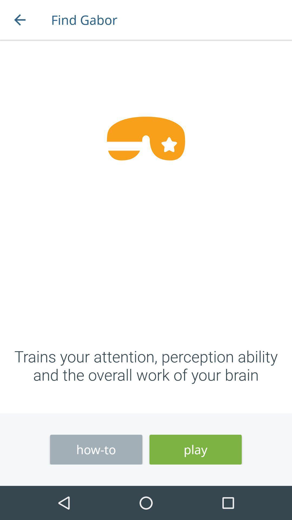 The image size is (292, 520). Describe the element at coordinates (195, 450) in the screenshot. I see `the icon to the right of how-to item` at that location.